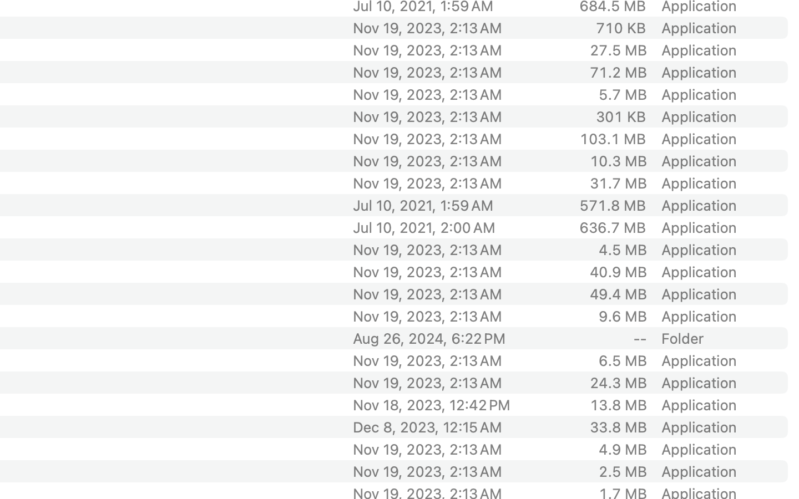  Describe the element at coordinates (617, 182) in the screenshot. I see `'31.7 MB'` at that location.